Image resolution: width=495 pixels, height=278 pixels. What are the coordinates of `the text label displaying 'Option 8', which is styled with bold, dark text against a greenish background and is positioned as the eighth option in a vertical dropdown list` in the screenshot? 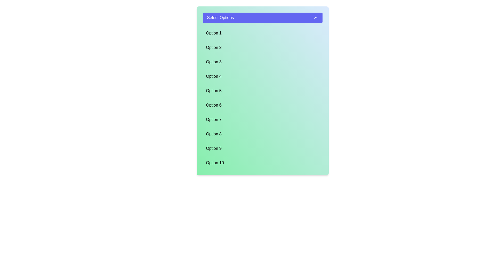 It's located at (214, 134).